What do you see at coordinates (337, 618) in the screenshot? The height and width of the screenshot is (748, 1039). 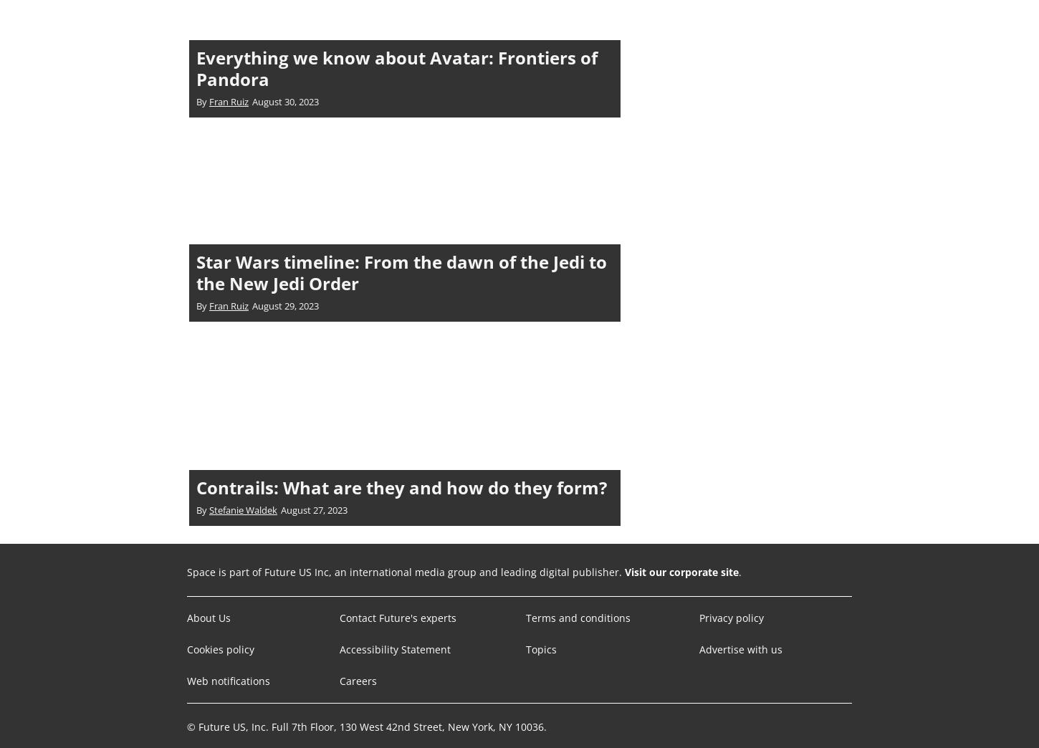 I see `'Contact Future's experts'` at bounding box center [337, 618].